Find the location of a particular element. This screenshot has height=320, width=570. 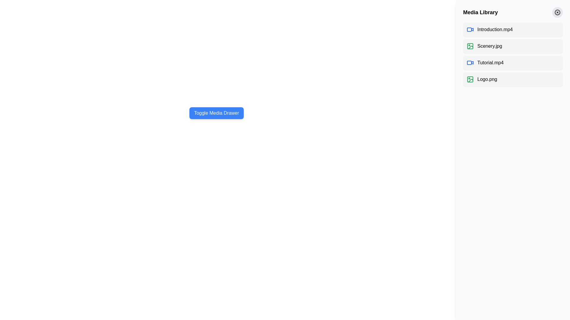

the button labeled 'Tutorial.mp4' with a blue video symbol, which is the third item in the 'Media Library' list is located at coordinates (513, 63).